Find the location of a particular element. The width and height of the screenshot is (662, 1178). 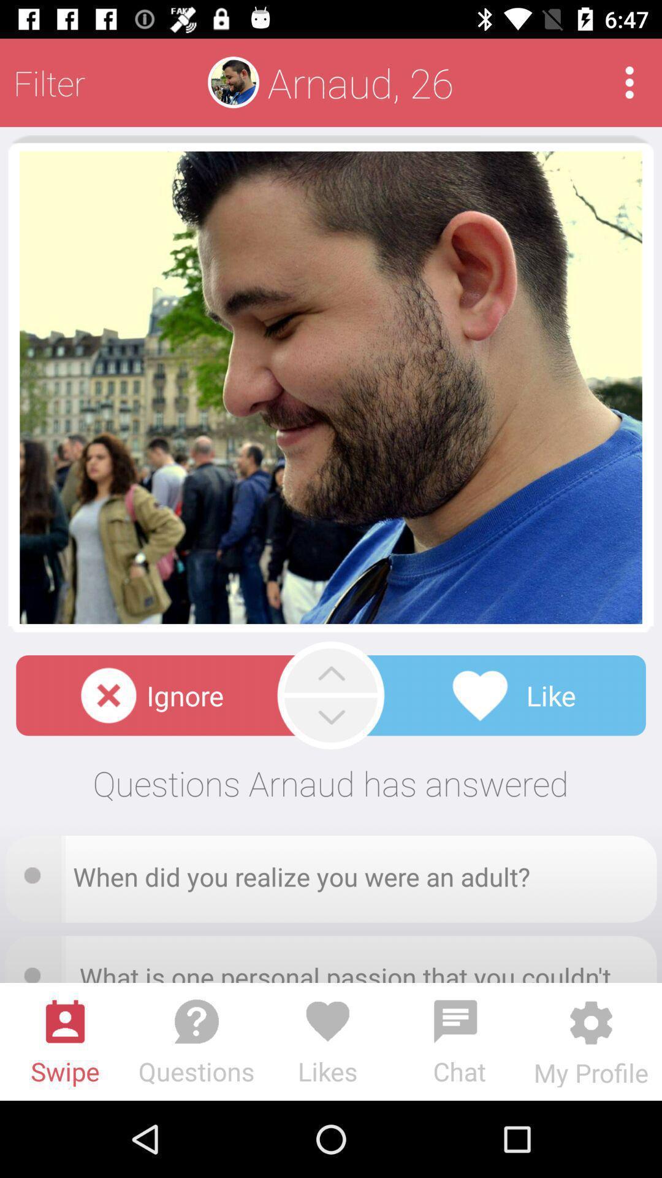

filter item is located at coordinates (48, 82).